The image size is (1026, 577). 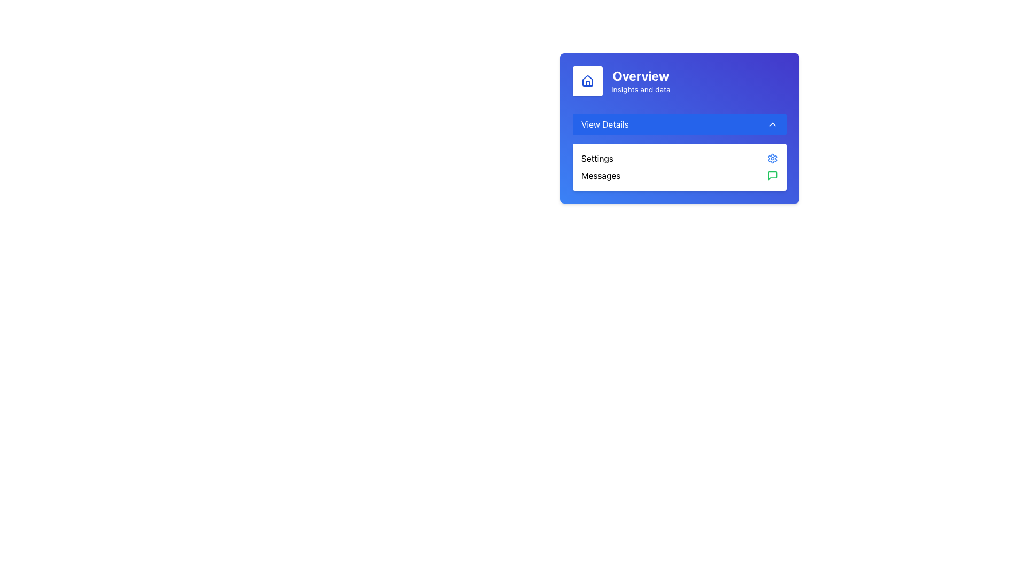 I want to click on the interactive visual indicator icon located at the far right edge of the 'View Details' button to trigger a visual change, so click(x=772, y=123).